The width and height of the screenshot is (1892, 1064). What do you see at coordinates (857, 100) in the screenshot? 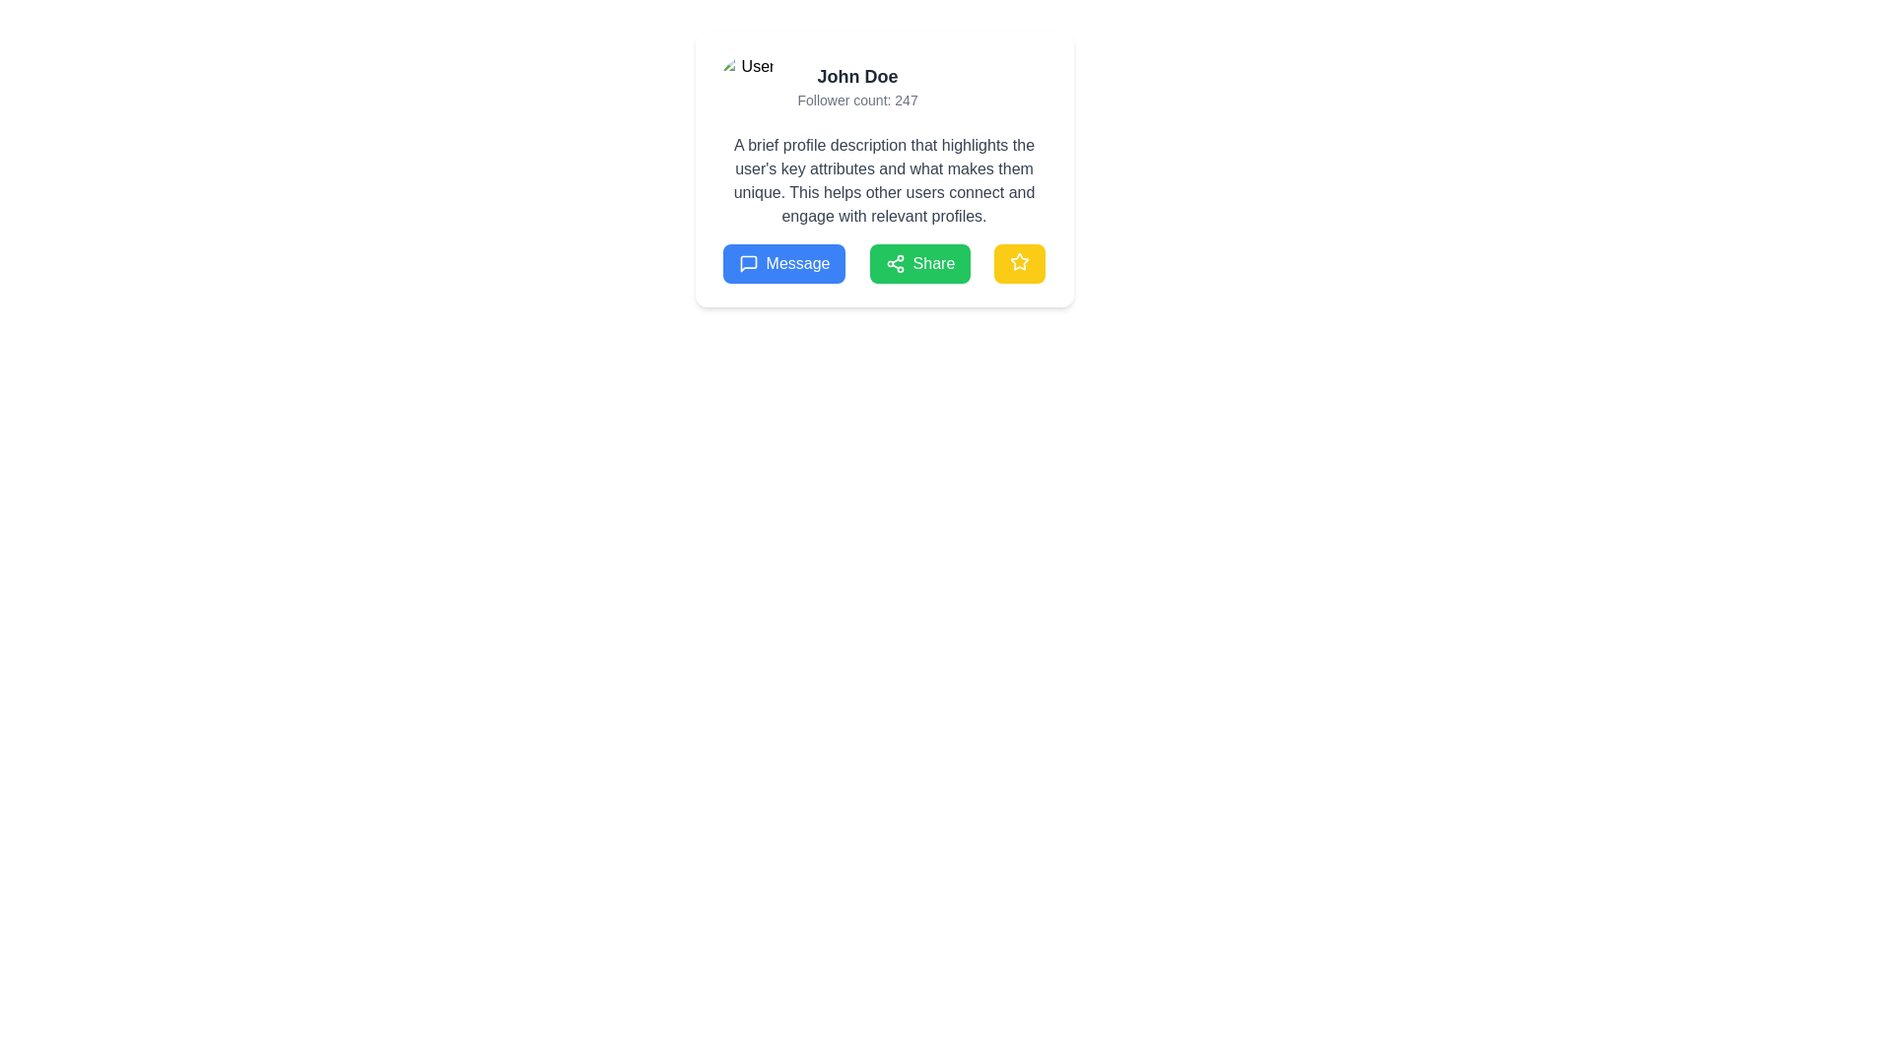
I see `the text label displaying 'Follower count: 247', which is located beneath the 'John Doe' text in gray color` at bounding box center [857, 100].